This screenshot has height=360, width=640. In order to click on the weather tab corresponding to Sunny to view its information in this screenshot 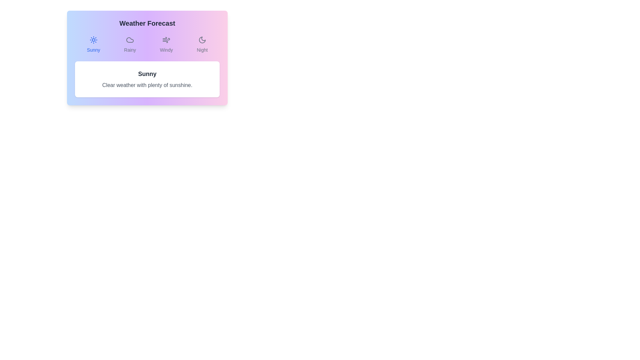, I will do `click(93, 45)`.